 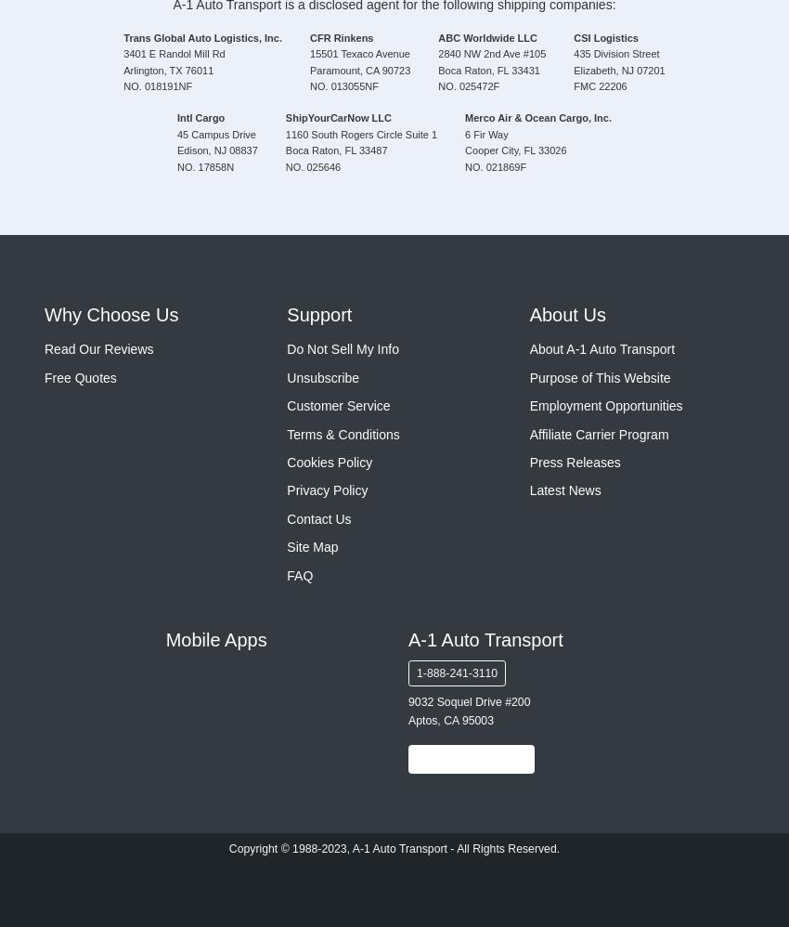 I want to click on 'Unsubscribe', so click(x=321, y=376).